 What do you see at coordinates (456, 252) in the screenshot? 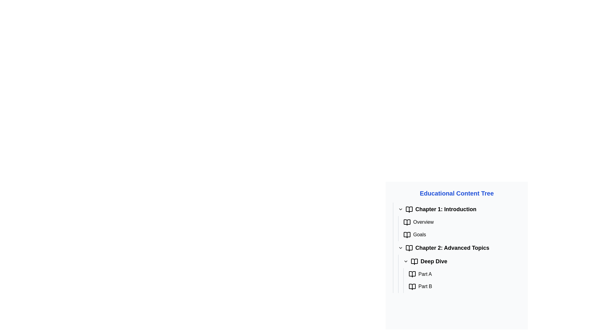
I see `individual topics within the content panel that has a white background and organized text items, including 'Educational Content Tree' and 'Chapter 1: Introduction'` at bounding box center [456, 252].